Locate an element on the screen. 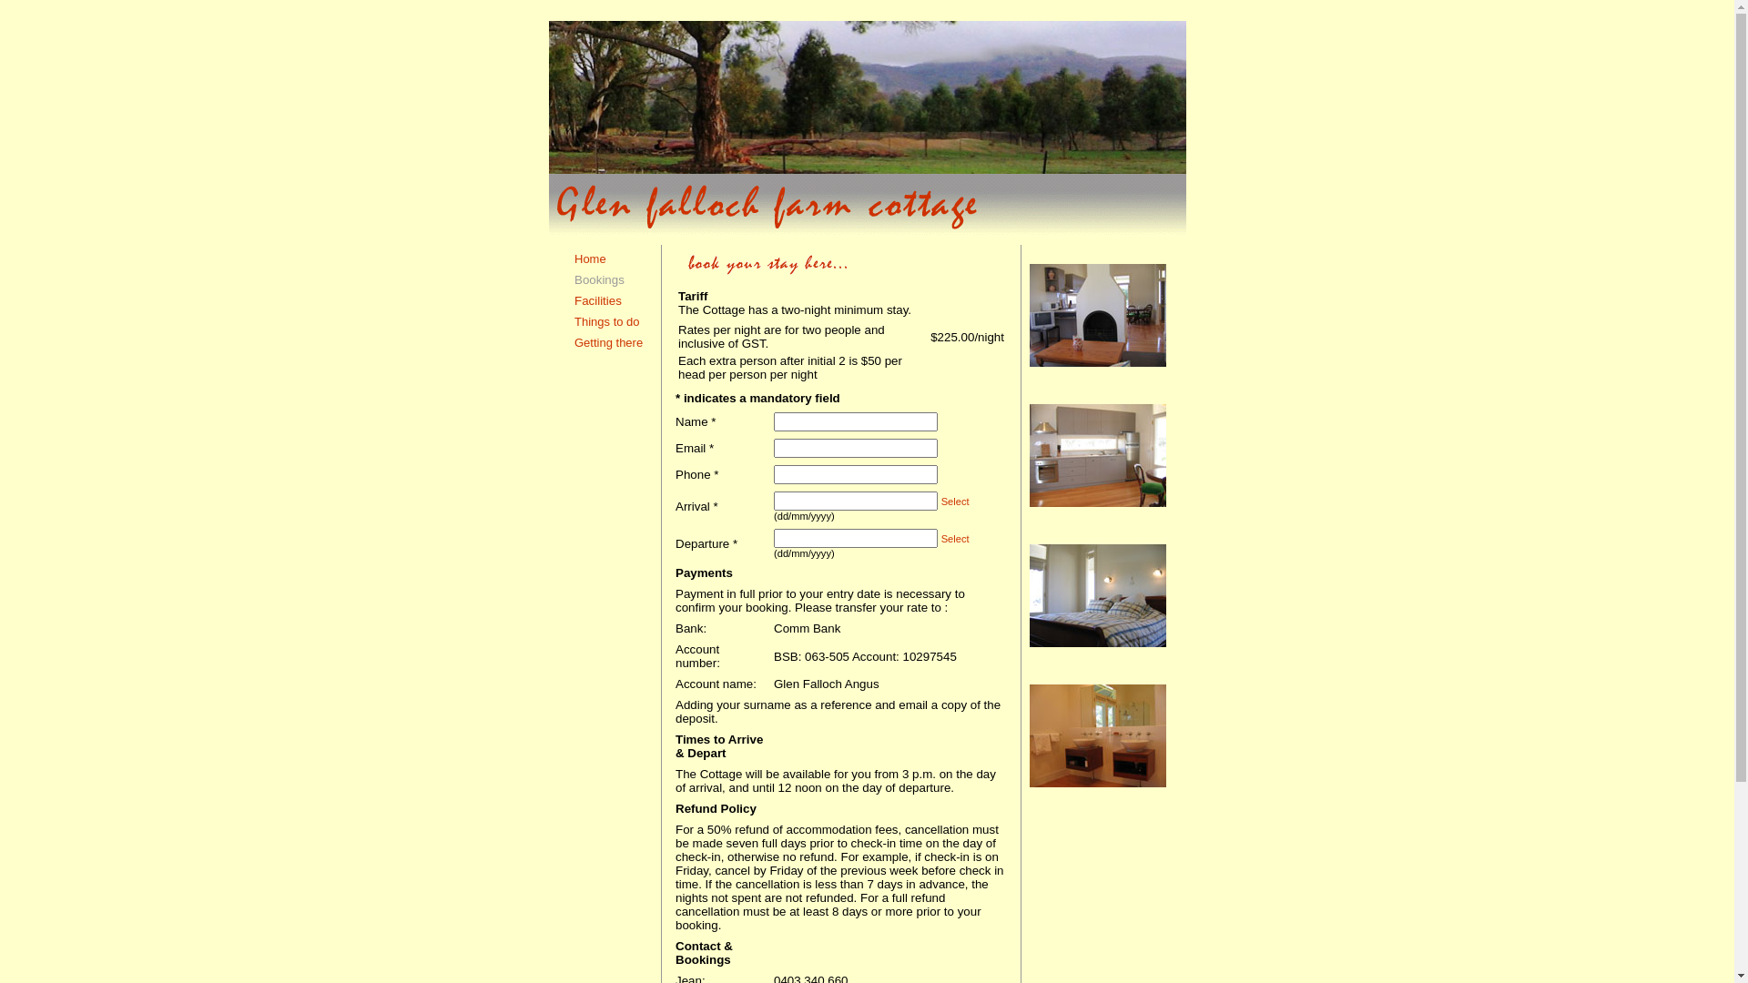  'Getting there' is located at coordinates (608, 342).